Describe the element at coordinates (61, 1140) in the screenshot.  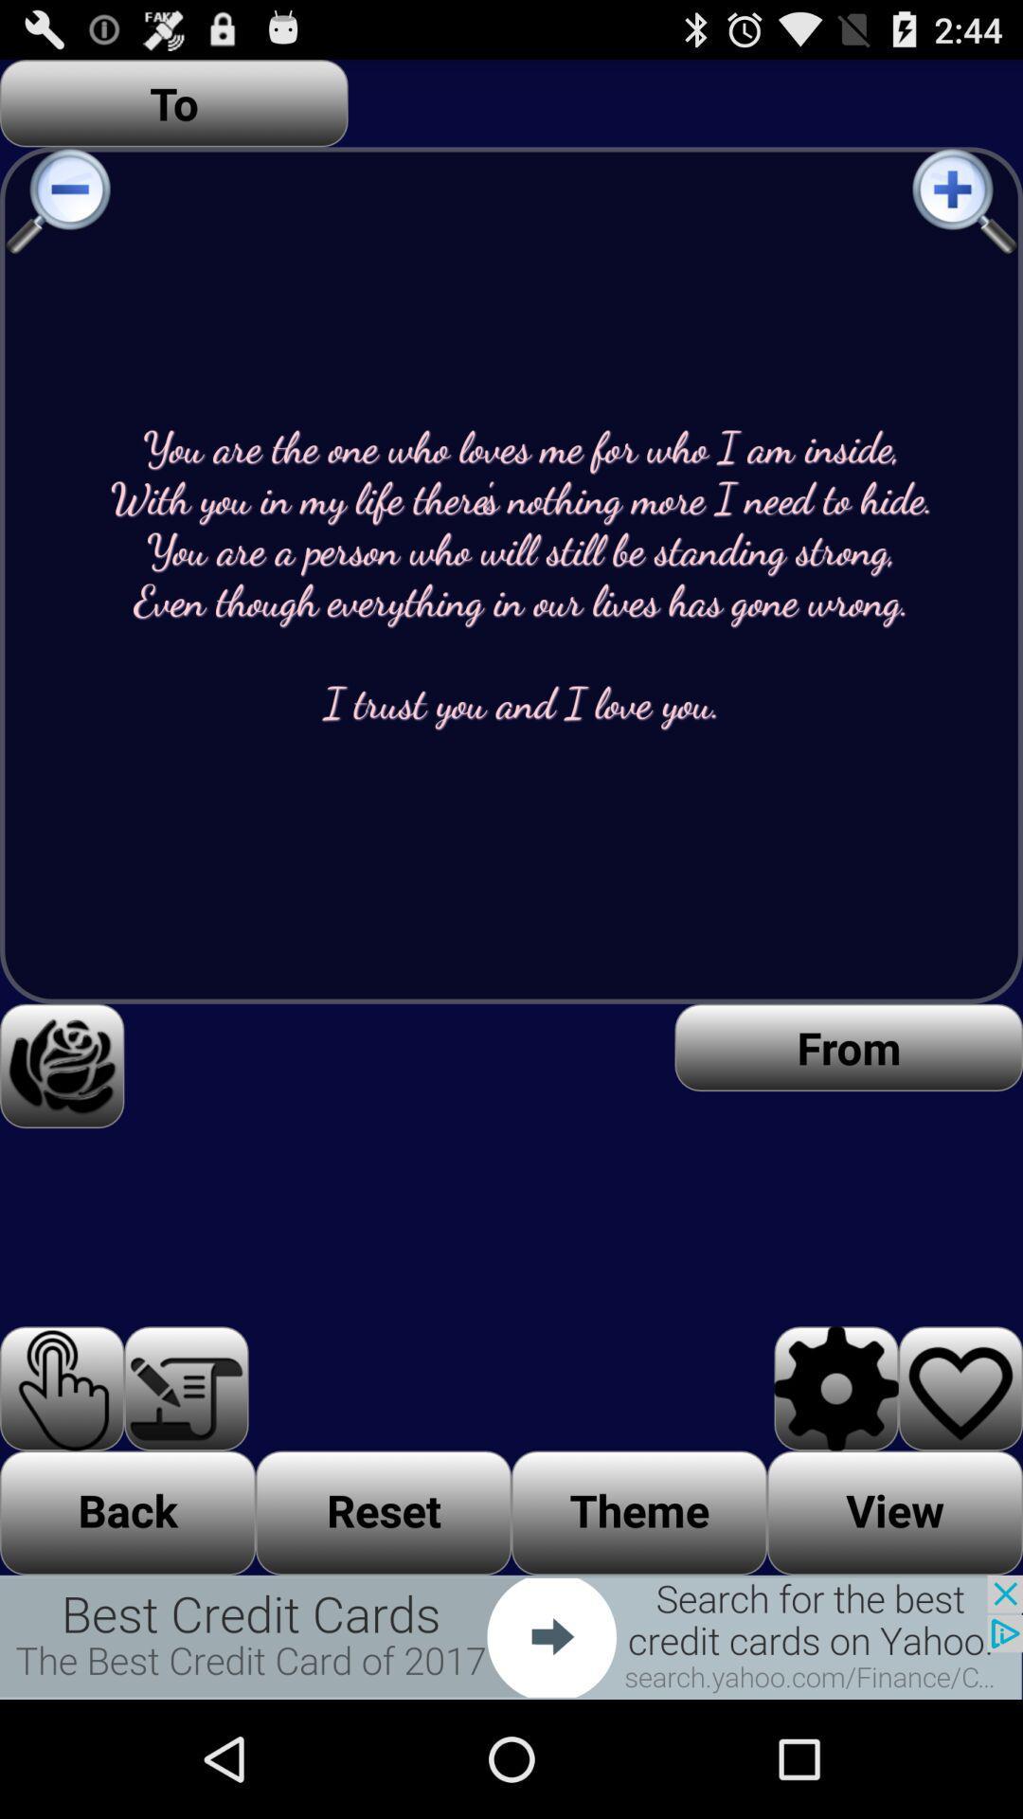
I see `the emoji icon` at that location.